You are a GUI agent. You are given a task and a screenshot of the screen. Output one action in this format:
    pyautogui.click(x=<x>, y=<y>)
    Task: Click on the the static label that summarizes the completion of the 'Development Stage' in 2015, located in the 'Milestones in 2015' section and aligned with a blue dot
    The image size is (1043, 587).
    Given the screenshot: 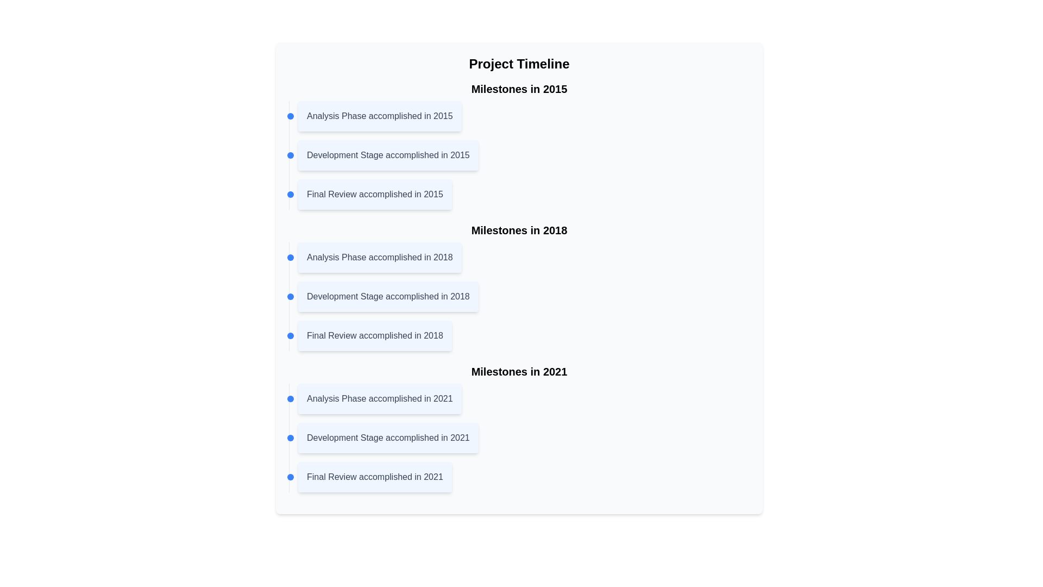 What is the action you would take?
    pyautogui.click(x=388, y=155)
    